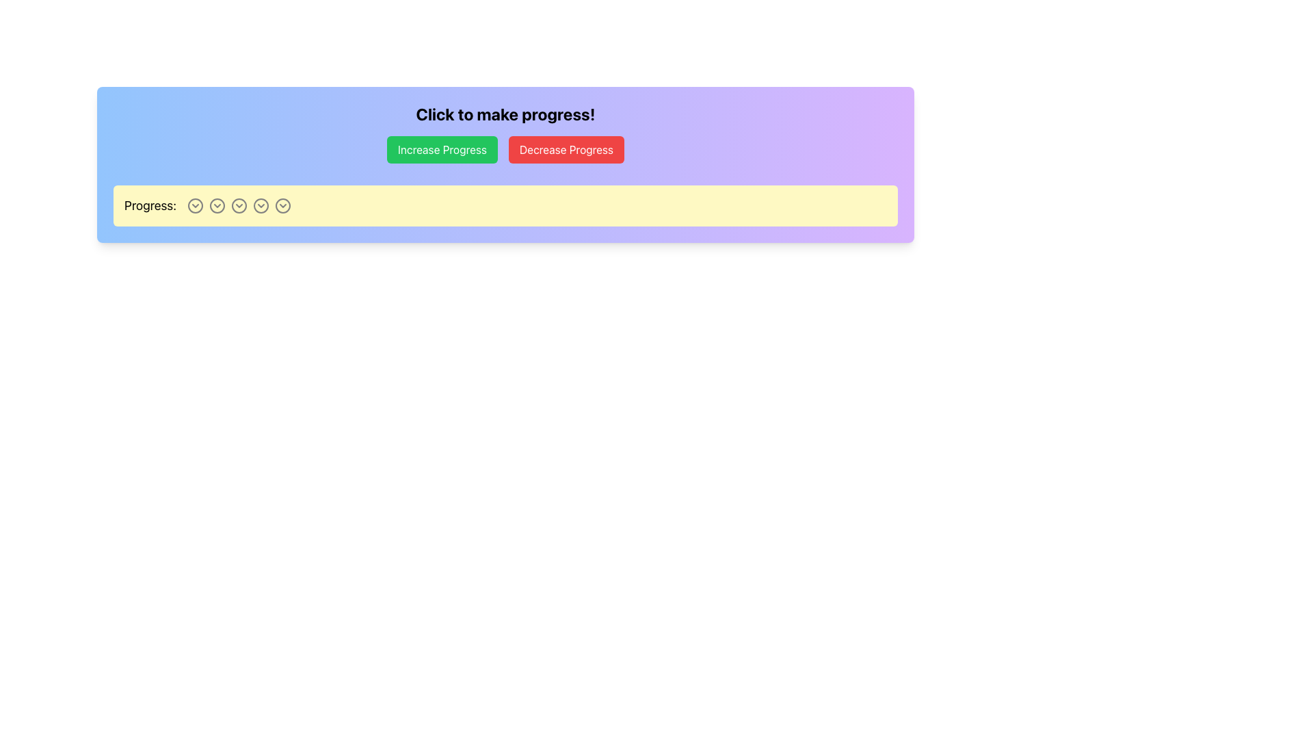  Describe the element at coordinates (217, 205) in the screenshot. I see `the second circular icon with chevron in the progress bar section, which indicates a specific progress state in the sequence` at that location.